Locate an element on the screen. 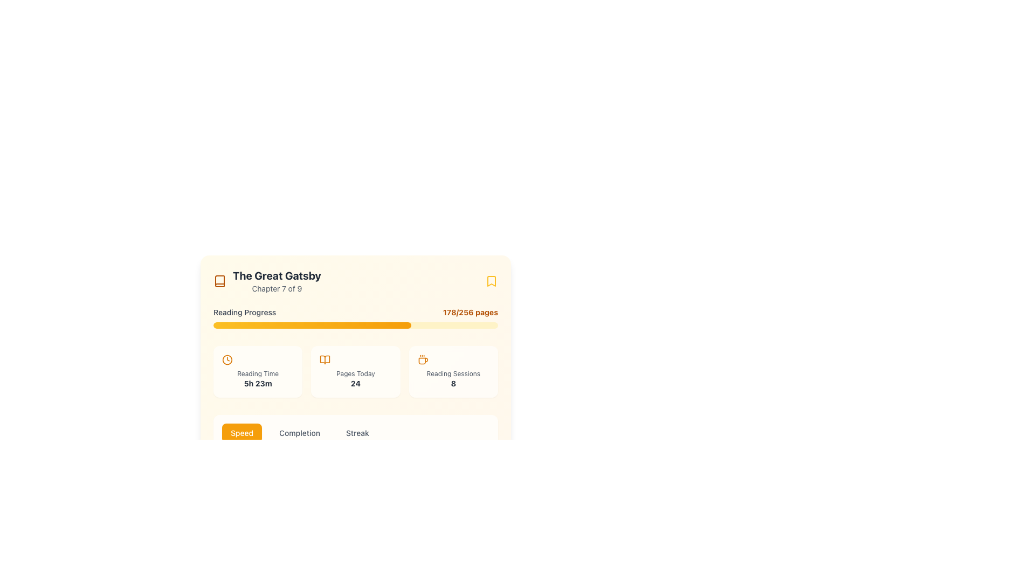  the graphic icon resembling an open book located in the top-left corner of the widget titled 'The Great Gatsby' is located at coordinates (219, 280).